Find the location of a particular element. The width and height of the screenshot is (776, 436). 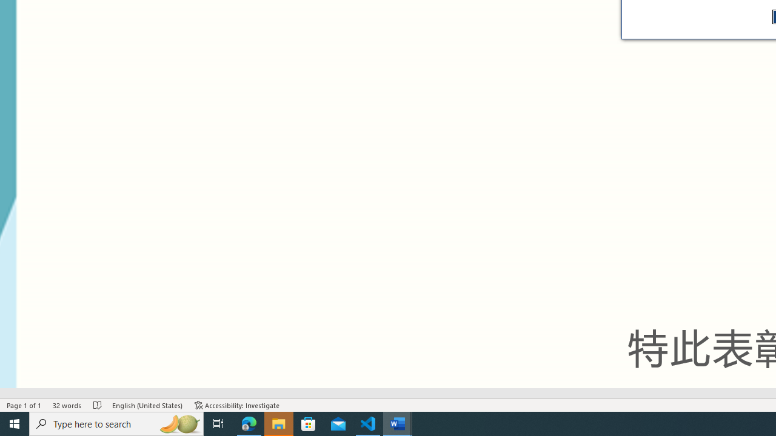

'Microsoft Edge - 1 running window' is located at coordinates (249, 423).